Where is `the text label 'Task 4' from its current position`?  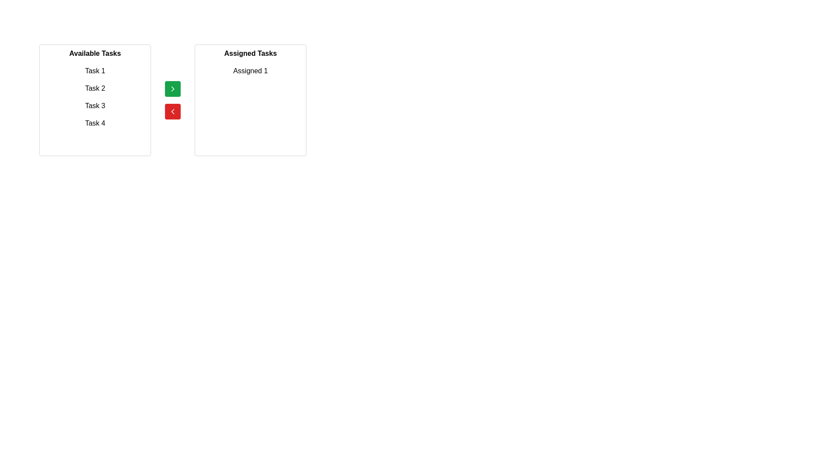
the text label 'Task 4' from its current position is located at coordinates (95, 123).